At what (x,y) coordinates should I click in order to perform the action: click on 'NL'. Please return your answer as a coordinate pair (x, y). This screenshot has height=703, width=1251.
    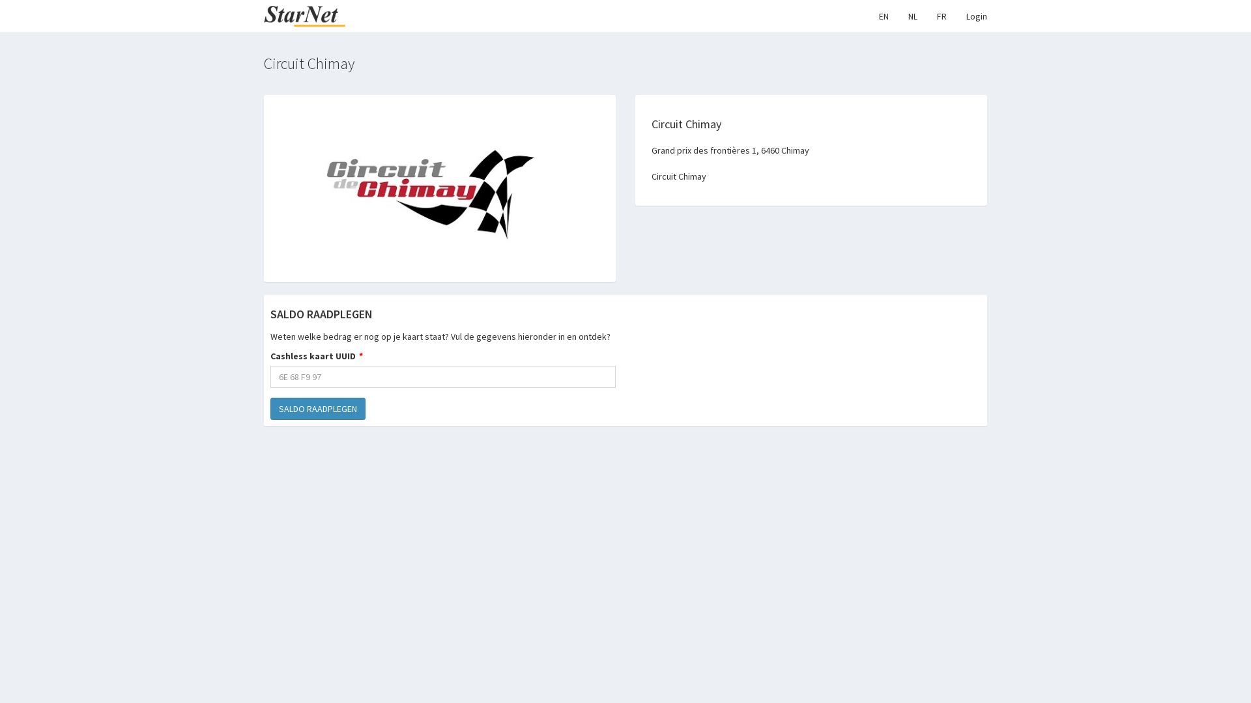
    Looking at the image, I should click on (912, 16).